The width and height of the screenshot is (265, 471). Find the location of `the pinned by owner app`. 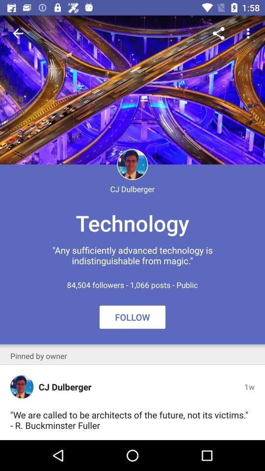

the pinned by owner app is located at coordinates (38, 355).